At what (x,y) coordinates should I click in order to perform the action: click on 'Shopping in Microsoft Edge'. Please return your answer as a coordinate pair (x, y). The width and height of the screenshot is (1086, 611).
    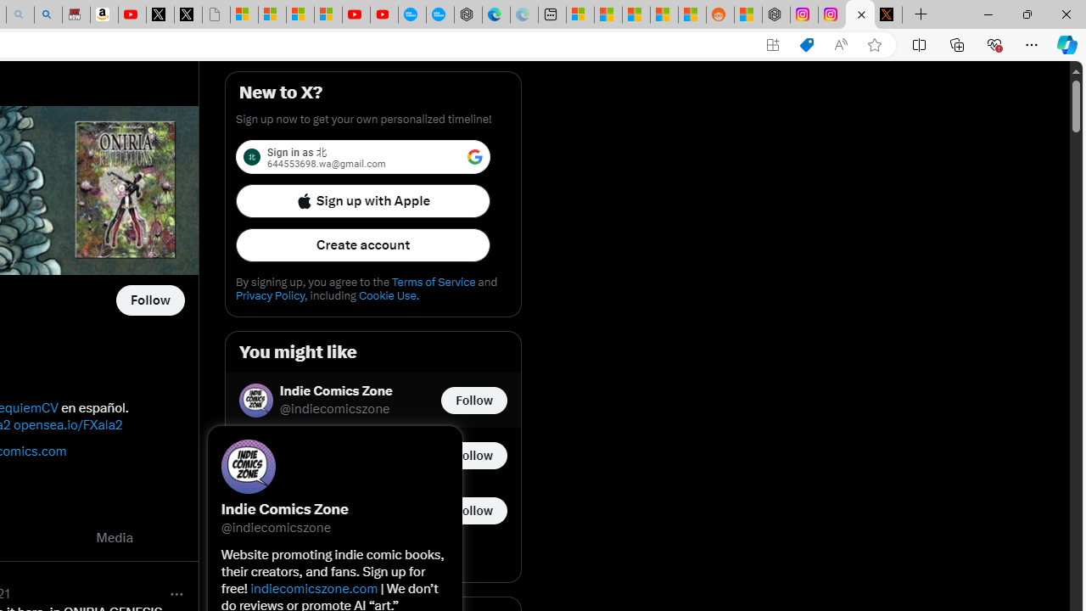
    Looking at the image, I should click on (806, 44).